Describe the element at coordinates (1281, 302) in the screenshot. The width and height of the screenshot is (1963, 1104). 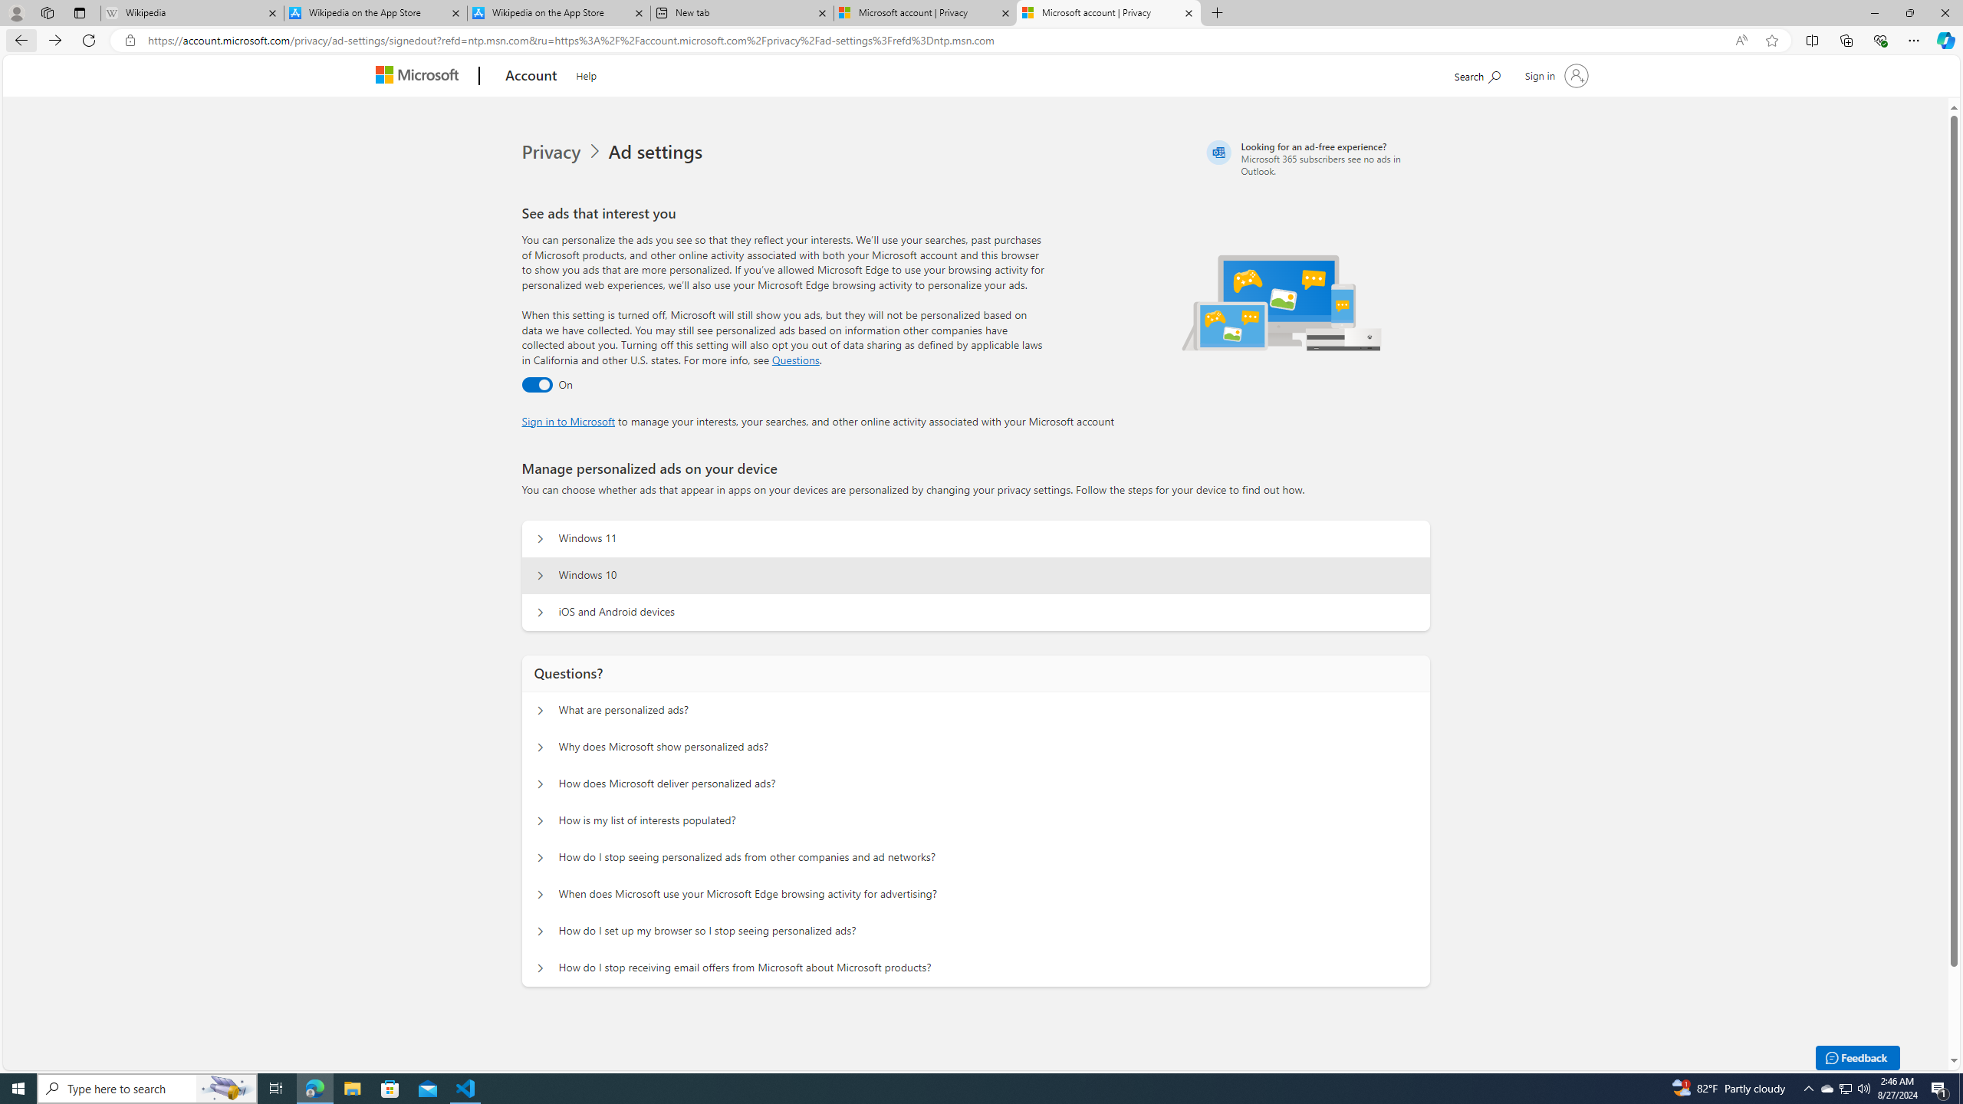
I see `'Illustration of multiple devices'` at that location.